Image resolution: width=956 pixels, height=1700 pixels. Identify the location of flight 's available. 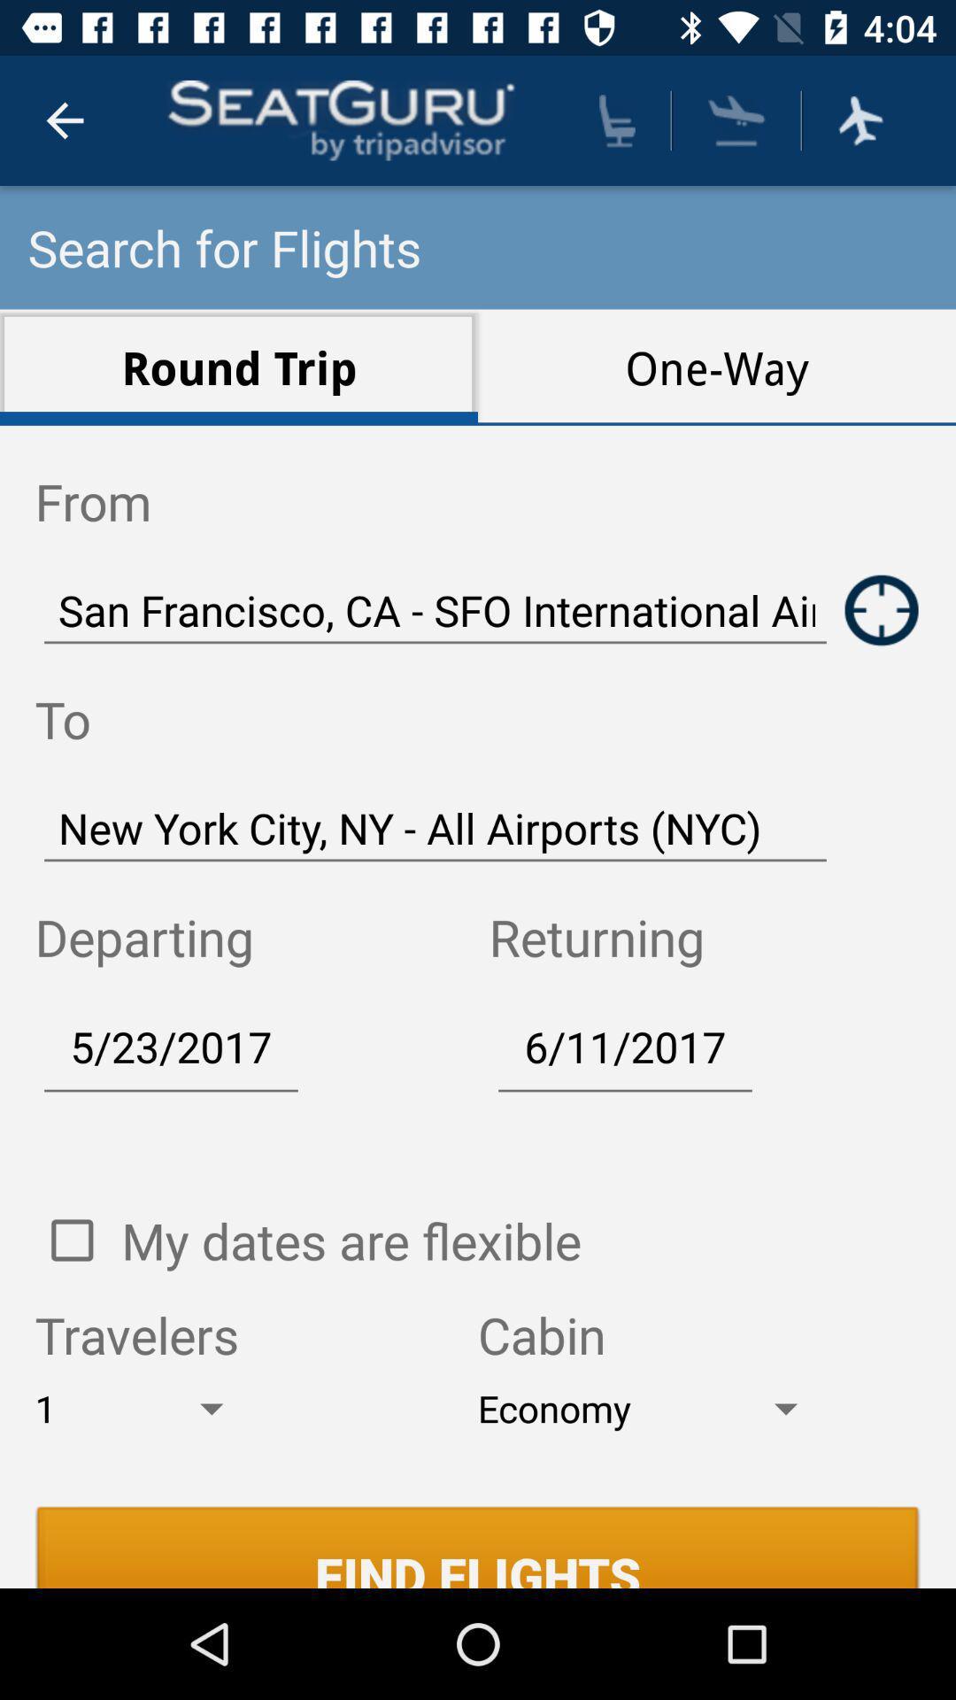
(860, 120).